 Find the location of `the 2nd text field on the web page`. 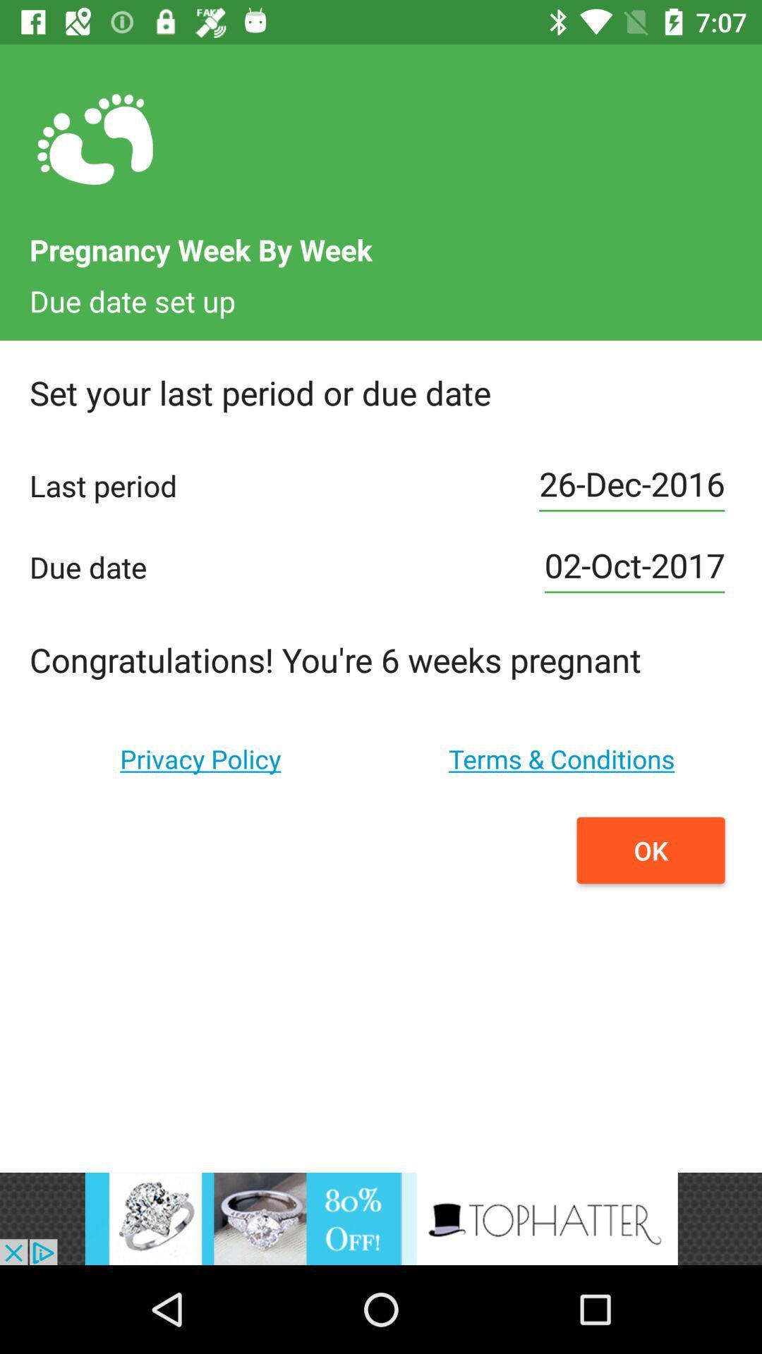

the 2nd text field on the web page is located at coordinates (634, 567).